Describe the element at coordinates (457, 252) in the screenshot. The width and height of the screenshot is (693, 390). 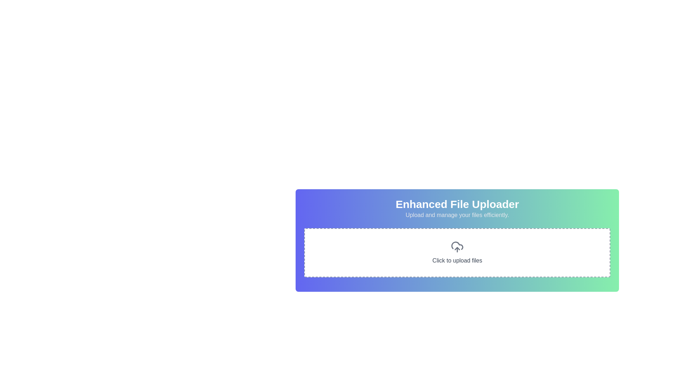
I see `the file upload area, which is a dashed-bordered rectangular area with a white background and an upload cloud icon above the text 'Click to upload files', to initiate the file upload` at that location.